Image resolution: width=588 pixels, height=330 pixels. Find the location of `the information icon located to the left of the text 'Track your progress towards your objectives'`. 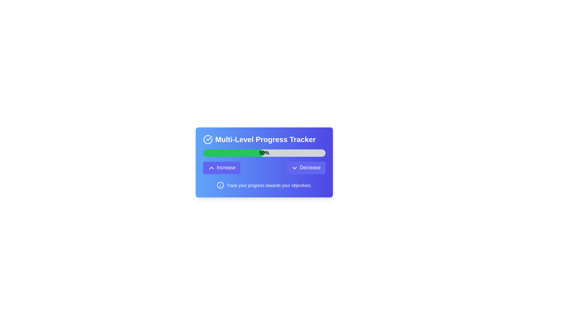

the information icon located to the left of the text 'Track your progress towards your objectives' is located at coordinates (221, 185).